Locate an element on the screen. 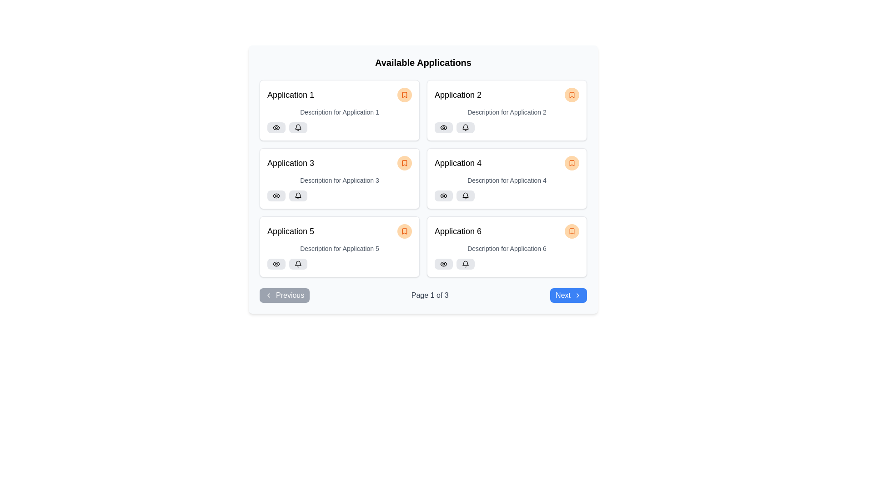  the static text UI component displaying the title 'Available Applications', which is bold and centered at the top of the section containing application cards is located at coordinates (423, 62).